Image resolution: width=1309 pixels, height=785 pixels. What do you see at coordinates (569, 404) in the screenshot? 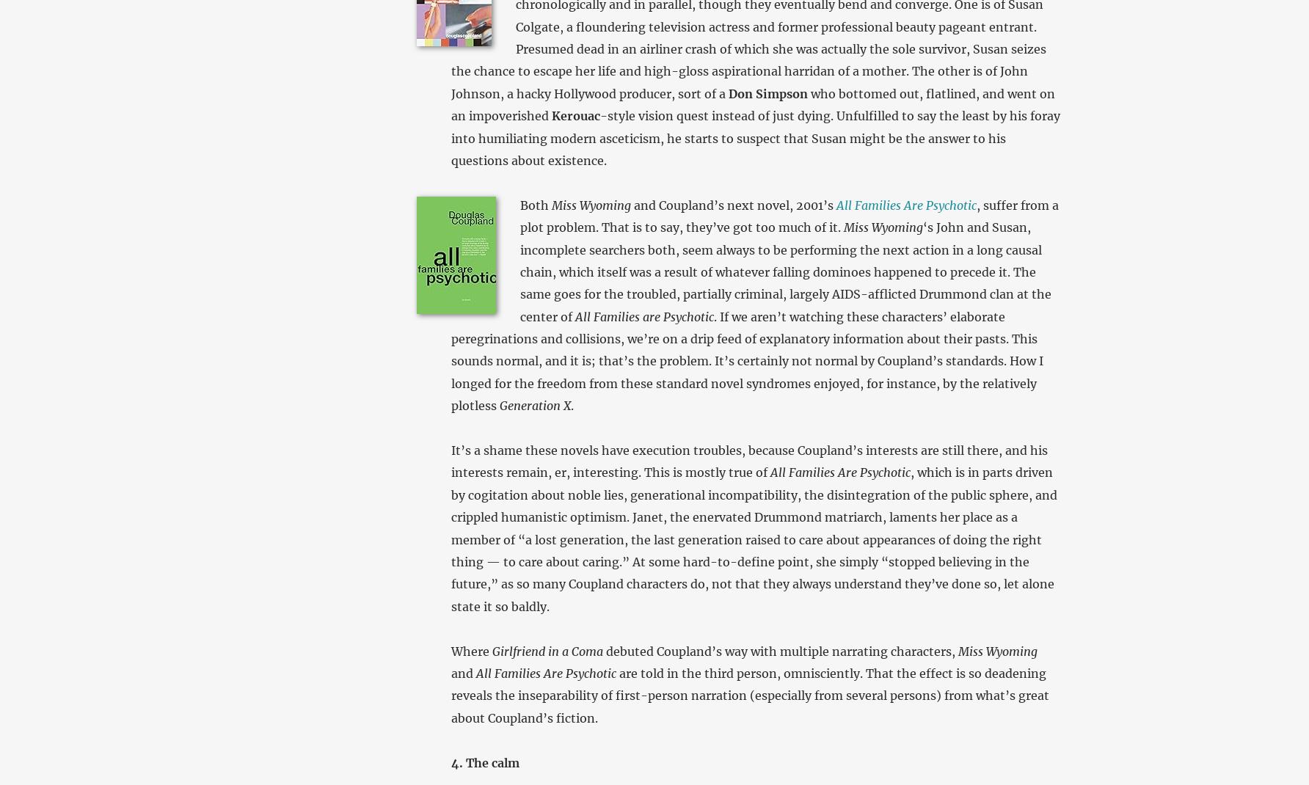
I see `'.'` at bounding box center [569, 404].